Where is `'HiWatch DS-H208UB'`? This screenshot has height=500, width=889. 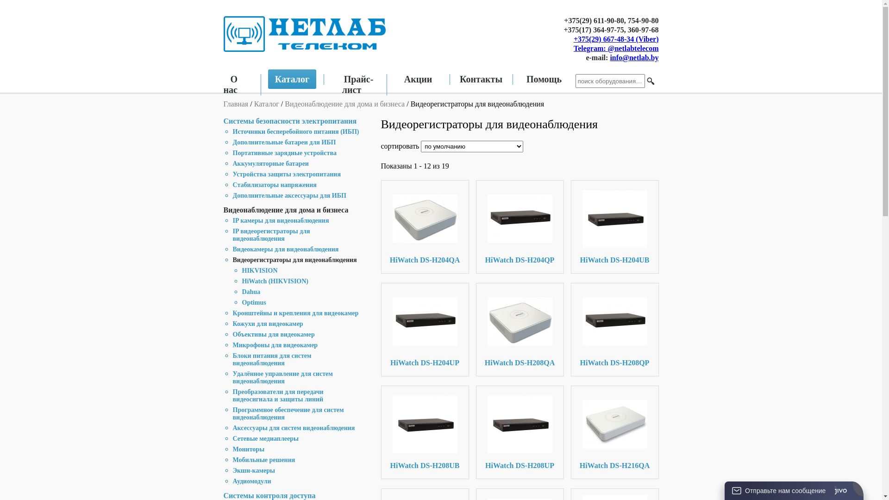 'HiWatch DS-H208UB' is located at coordinates (424, 466).